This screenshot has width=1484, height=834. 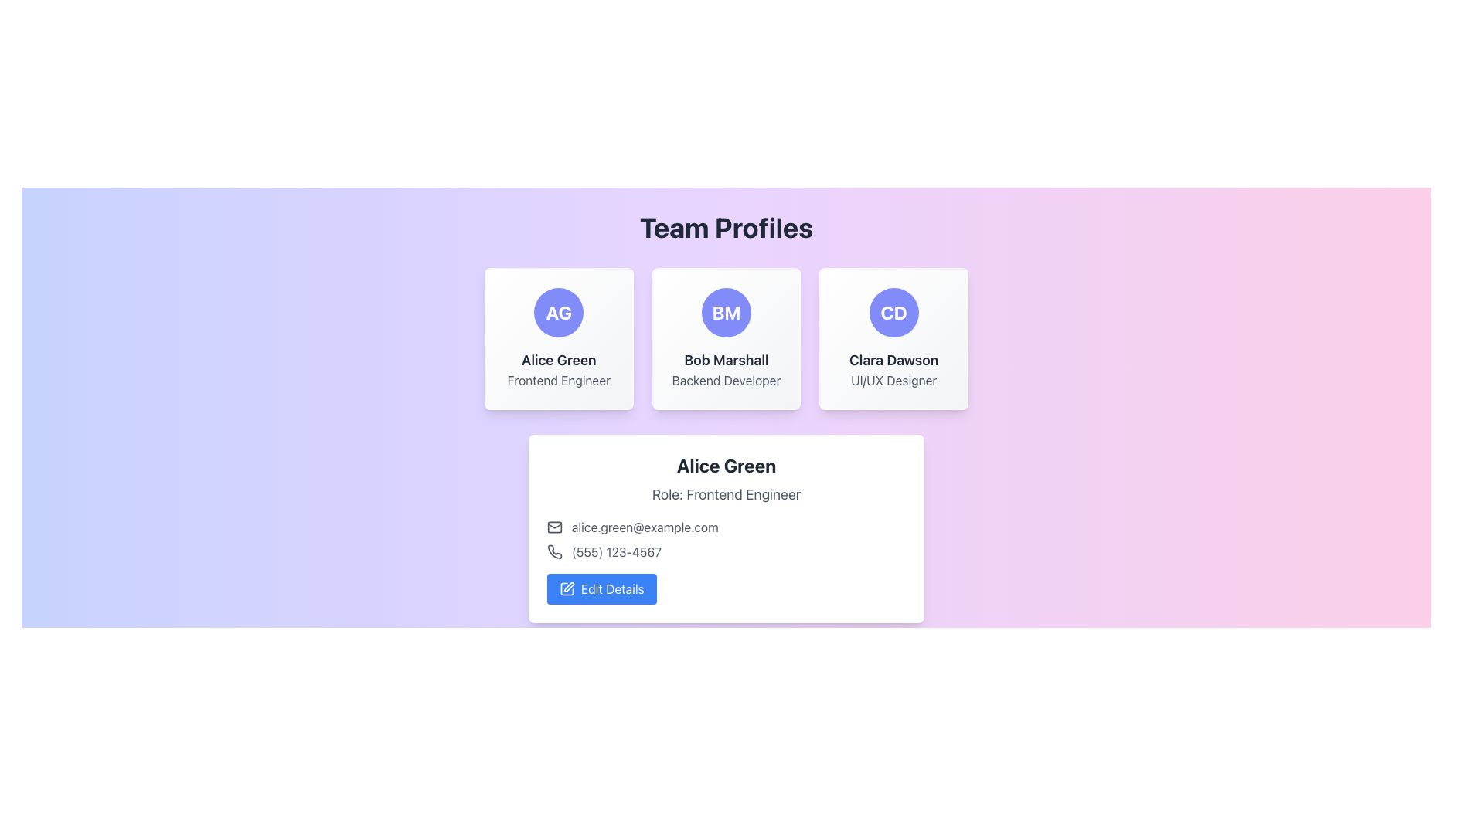 I want to click on the profile card for 'Clara Dawson', which displays 'CD' in a circular badge, so click(x=893, y=338).